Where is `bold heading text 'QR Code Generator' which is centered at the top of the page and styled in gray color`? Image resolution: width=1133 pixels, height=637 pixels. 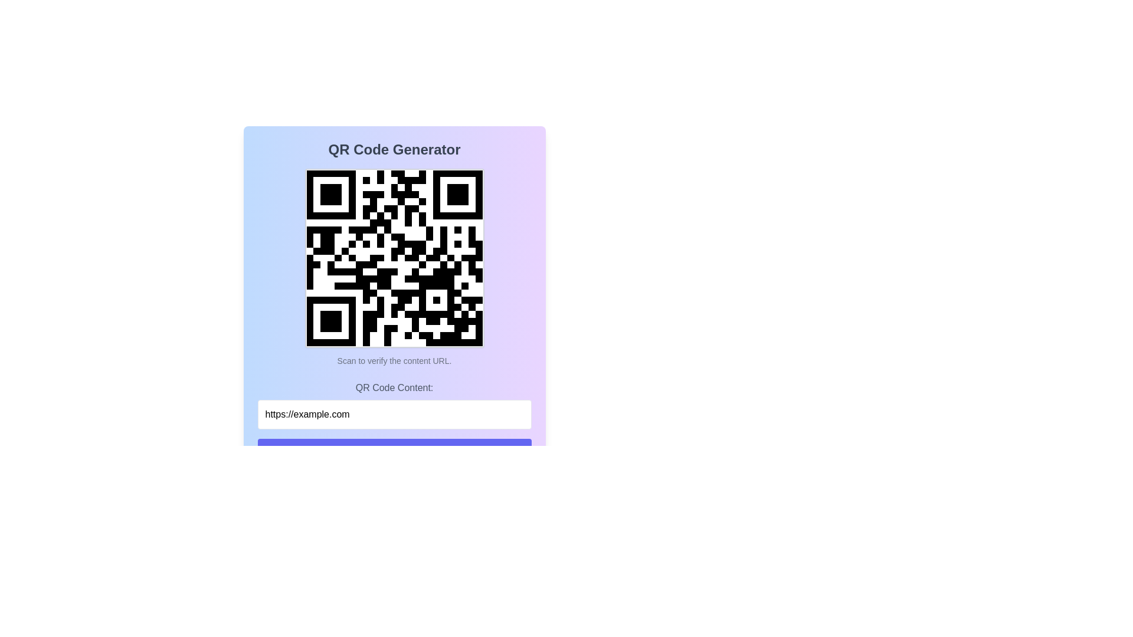 bold heading text 'QR Code Generator' which is centered at the top of the page and styled in gray color is located at coordinates (394, 149).